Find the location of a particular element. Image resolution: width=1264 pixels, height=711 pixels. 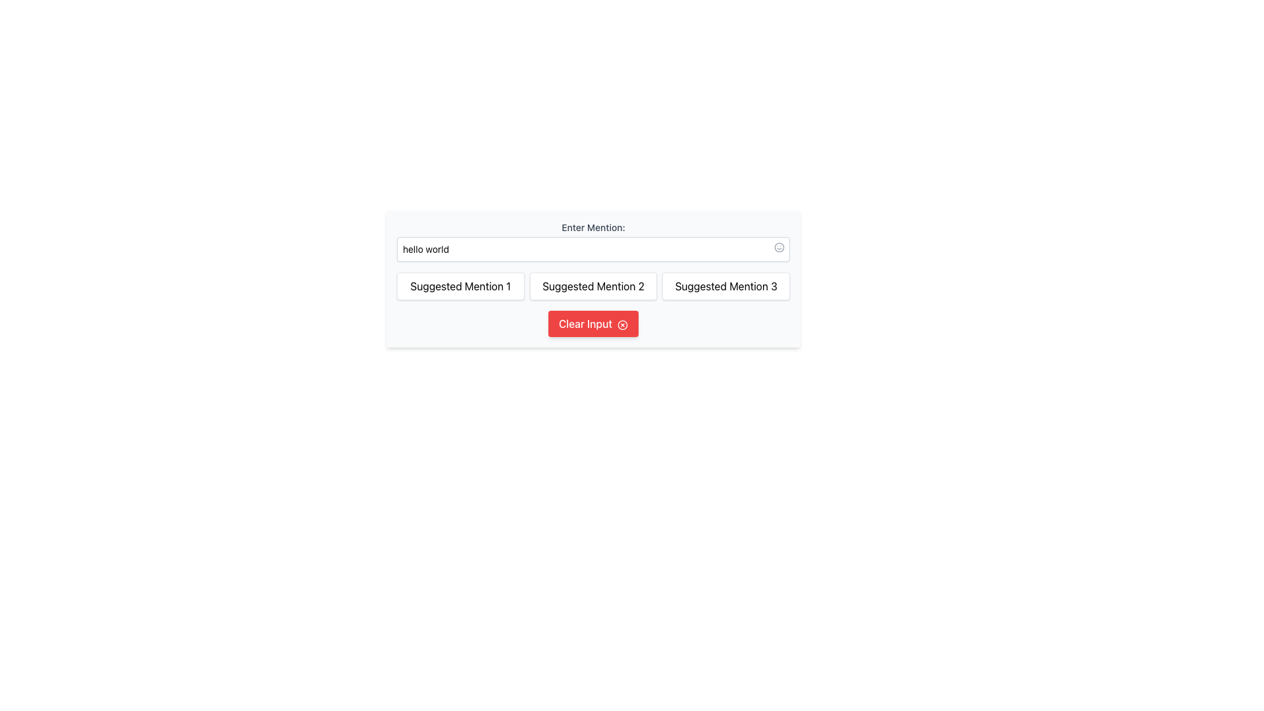

the first button labeled 'Suggested Mention 1' in the grid layout beneath the 'Enter Mention:' text input is located at coordinates (460, 286).